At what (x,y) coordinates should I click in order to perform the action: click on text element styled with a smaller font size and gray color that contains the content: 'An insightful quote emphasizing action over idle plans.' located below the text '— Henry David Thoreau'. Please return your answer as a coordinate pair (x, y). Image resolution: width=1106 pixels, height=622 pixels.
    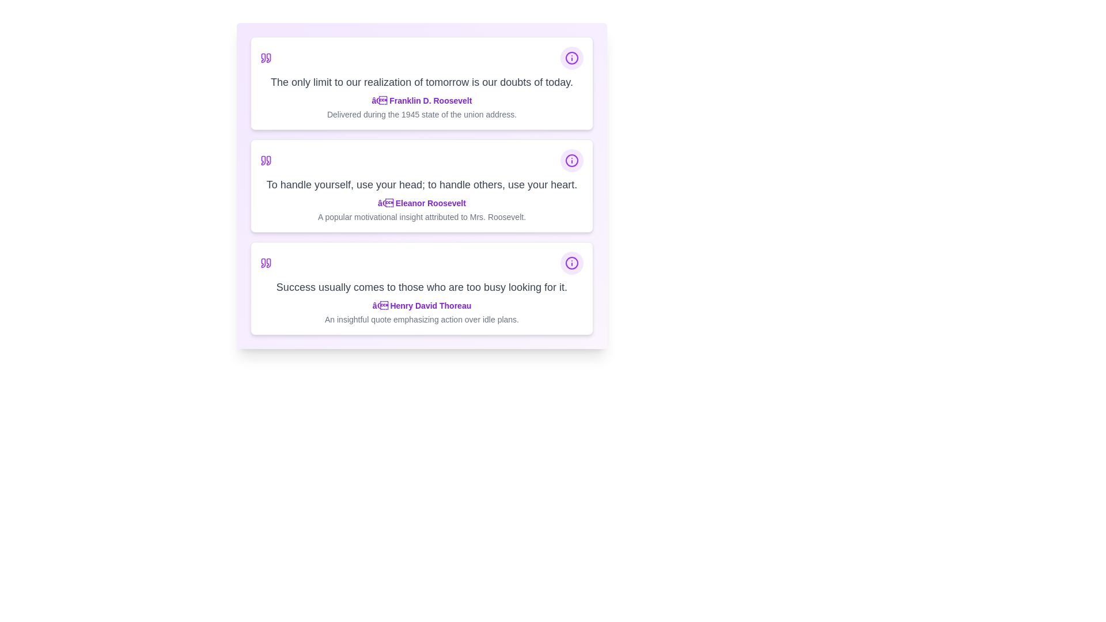
    Looking at the image, I should click on (421, 320).